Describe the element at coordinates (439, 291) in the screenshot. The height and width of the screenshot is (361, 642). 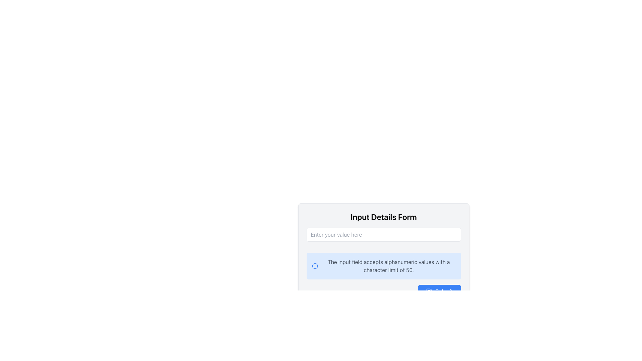
I see `the blue 'Submit' button with rounded corners` at that location.